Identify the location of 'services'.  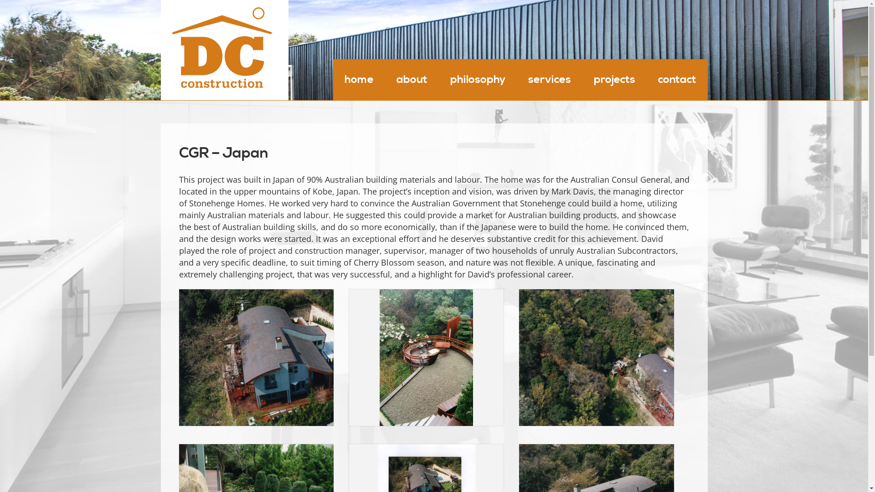
(516, 79).